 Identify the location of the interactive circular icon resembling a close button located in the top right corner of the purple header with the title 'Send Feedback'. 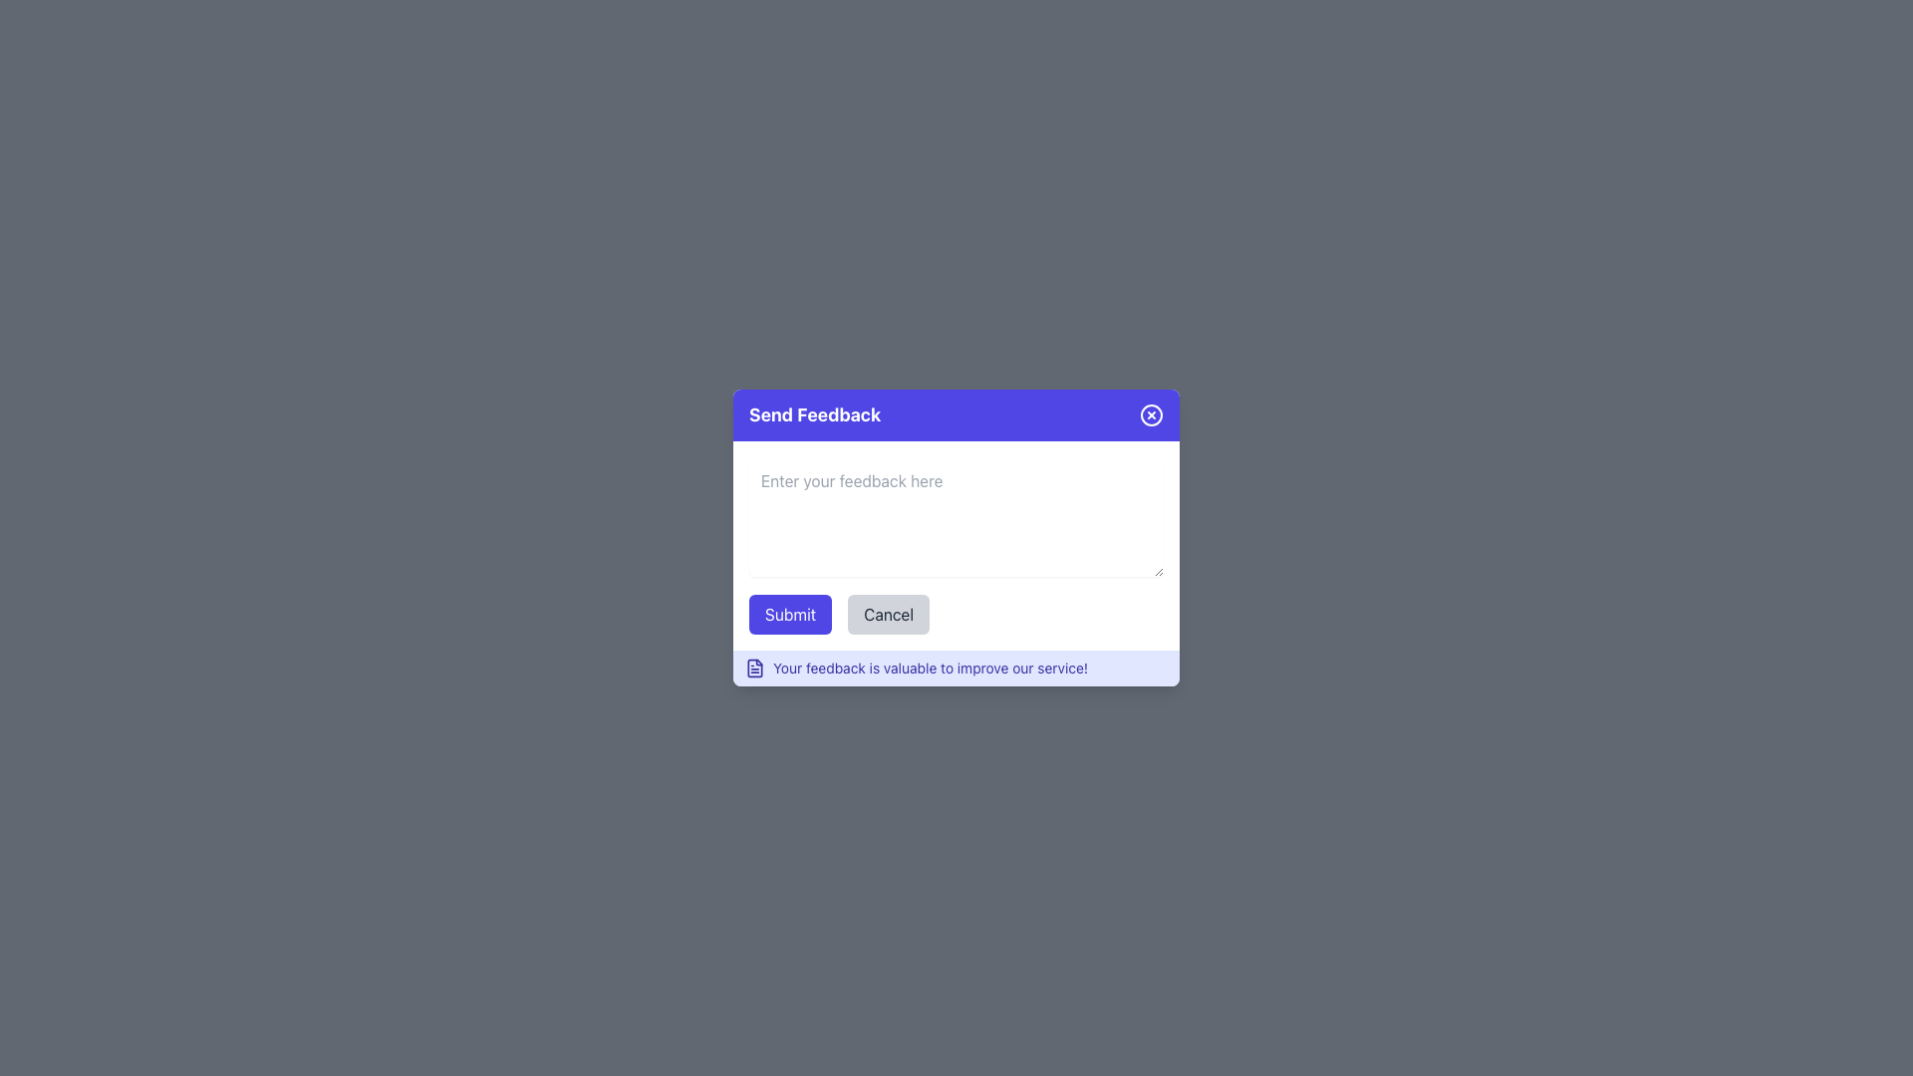
(1152, 413).